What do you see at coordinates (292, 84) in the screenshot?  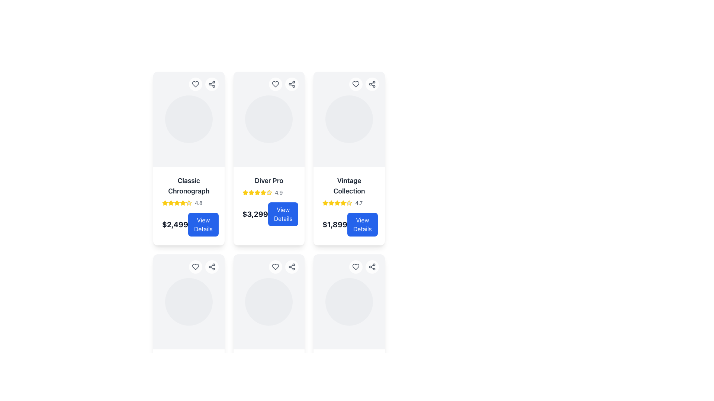 I see `the icon button located at the top-right corner of the third card` at bounding box center [292, 84].